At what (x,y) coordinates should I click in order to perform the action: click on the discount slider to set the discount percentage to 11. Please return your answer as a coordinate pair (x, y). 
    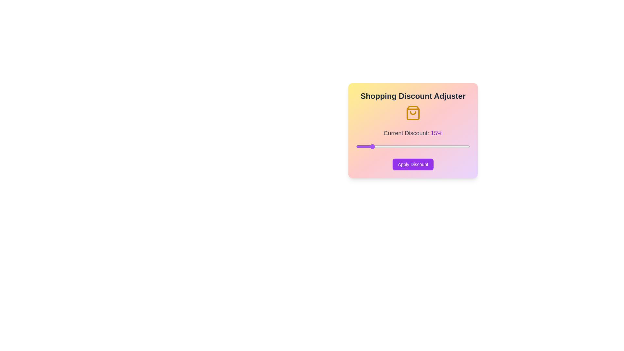
    Looking at the image, I should click on (358, 147).